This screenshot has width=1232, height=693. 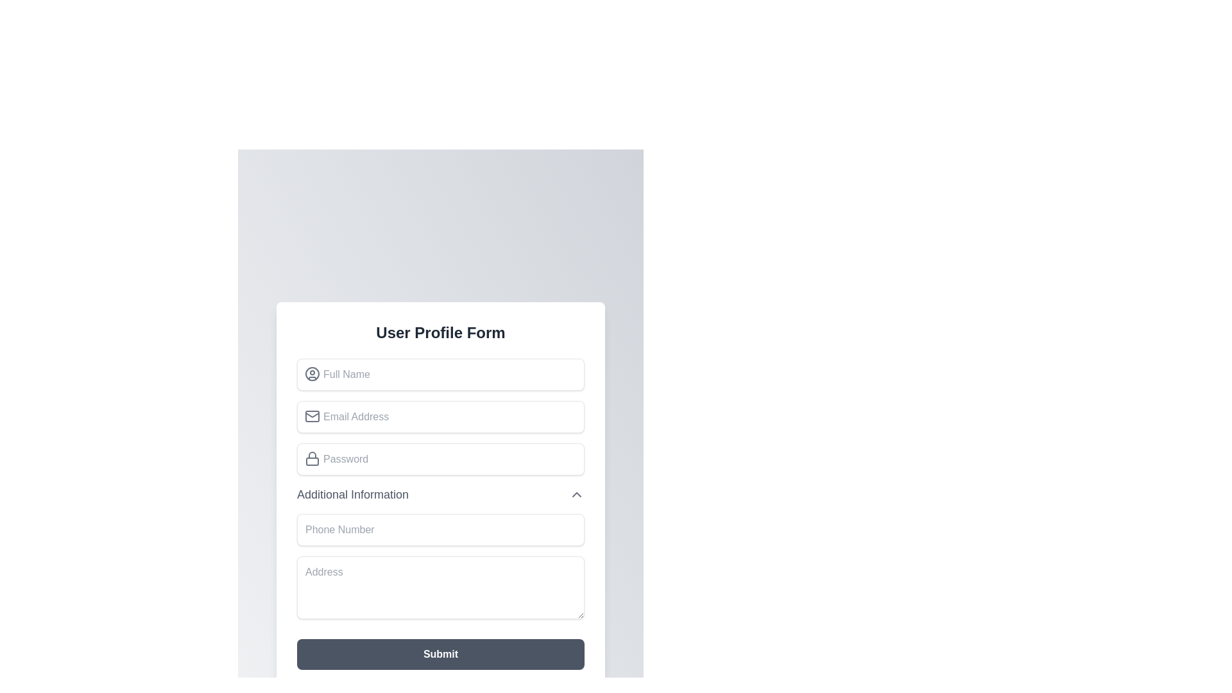 I want to click on the text heading element that serves as a title or heading, providing context to the user about the purpose of the form below it, which is positioned at the top of the layout, so click(x=440, y=331).